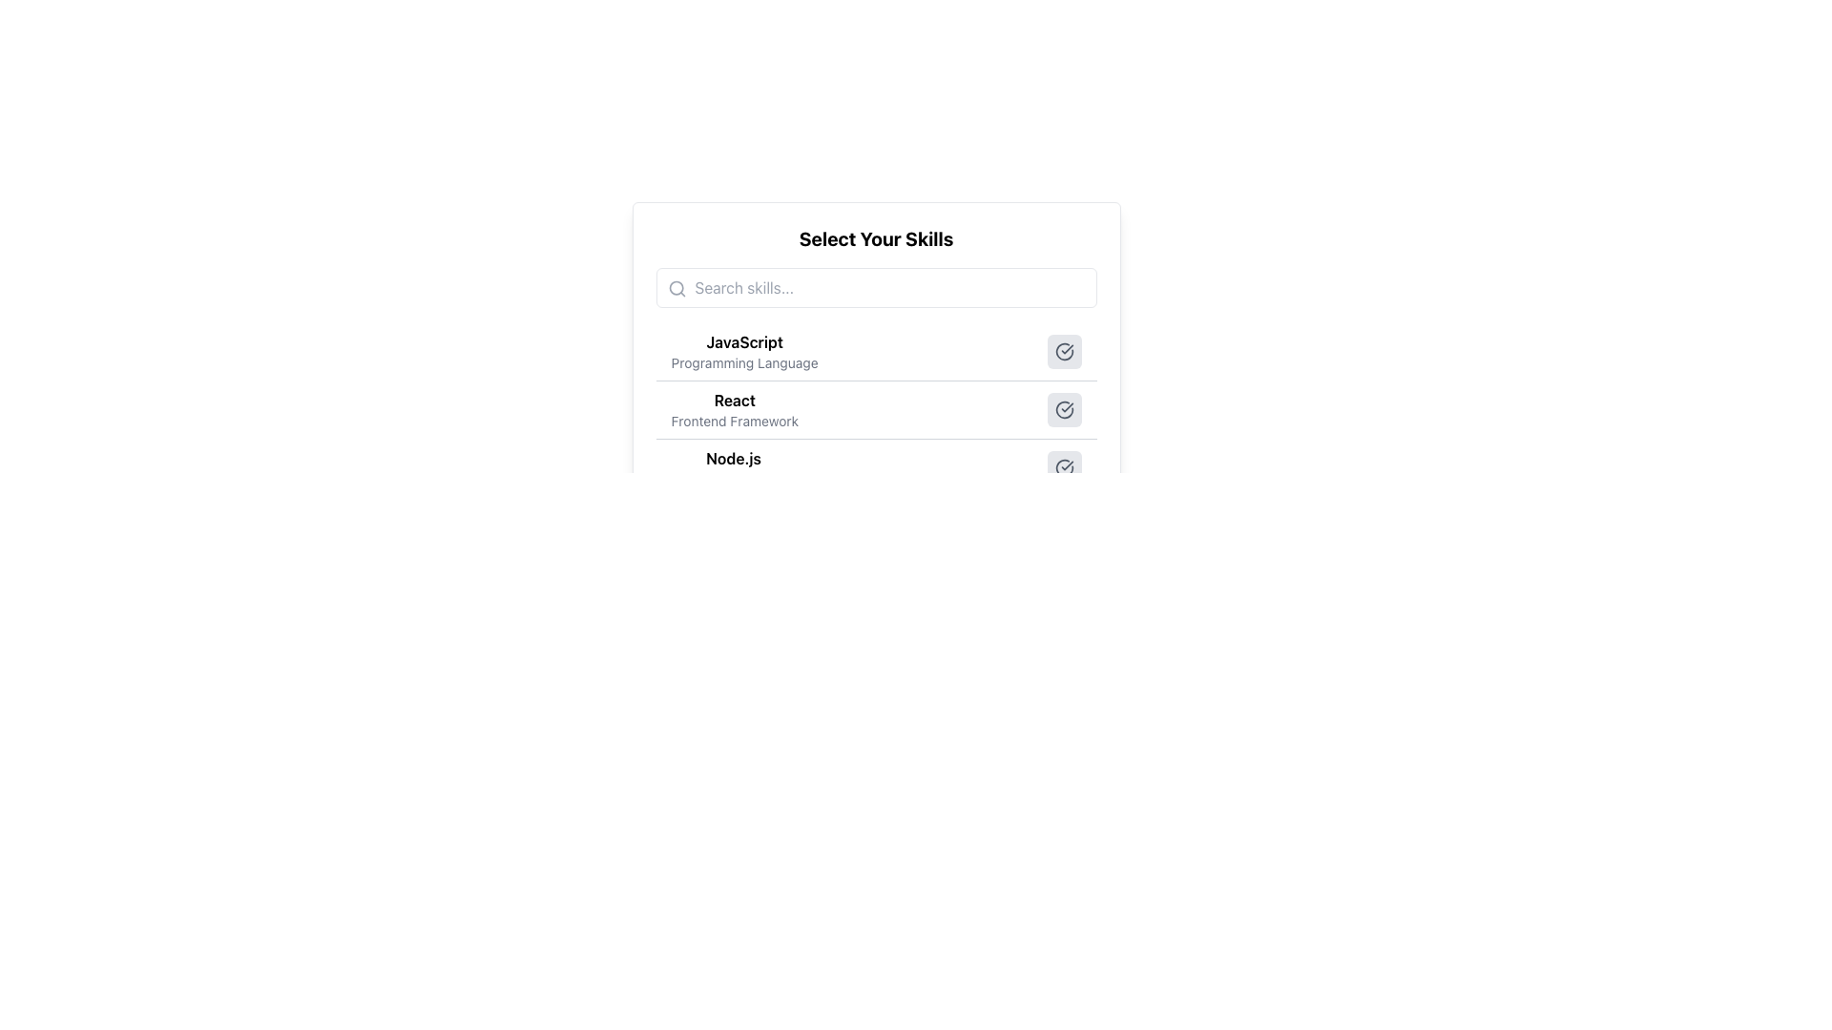 The height and width of the screenshot is (1030, 1832). Describe the element at coordinates (734, 408) in the screenshot. I see `the Label displaying 'React' with the subtitle 'Frontend Framework' in the 'Select Your Skills' section, which is the second option in the list` at that location.